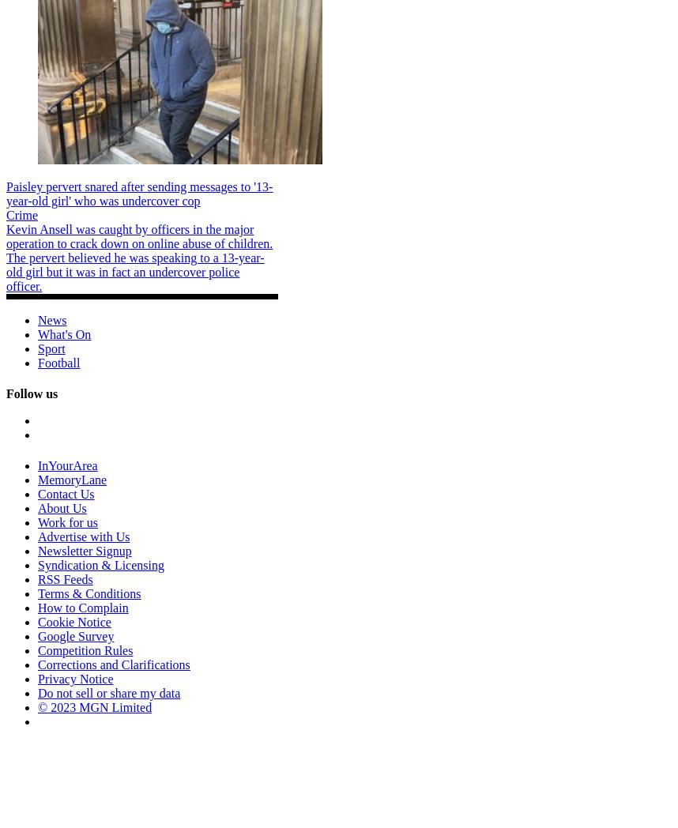  I want to click on 'Work for us', so click(66, 522).